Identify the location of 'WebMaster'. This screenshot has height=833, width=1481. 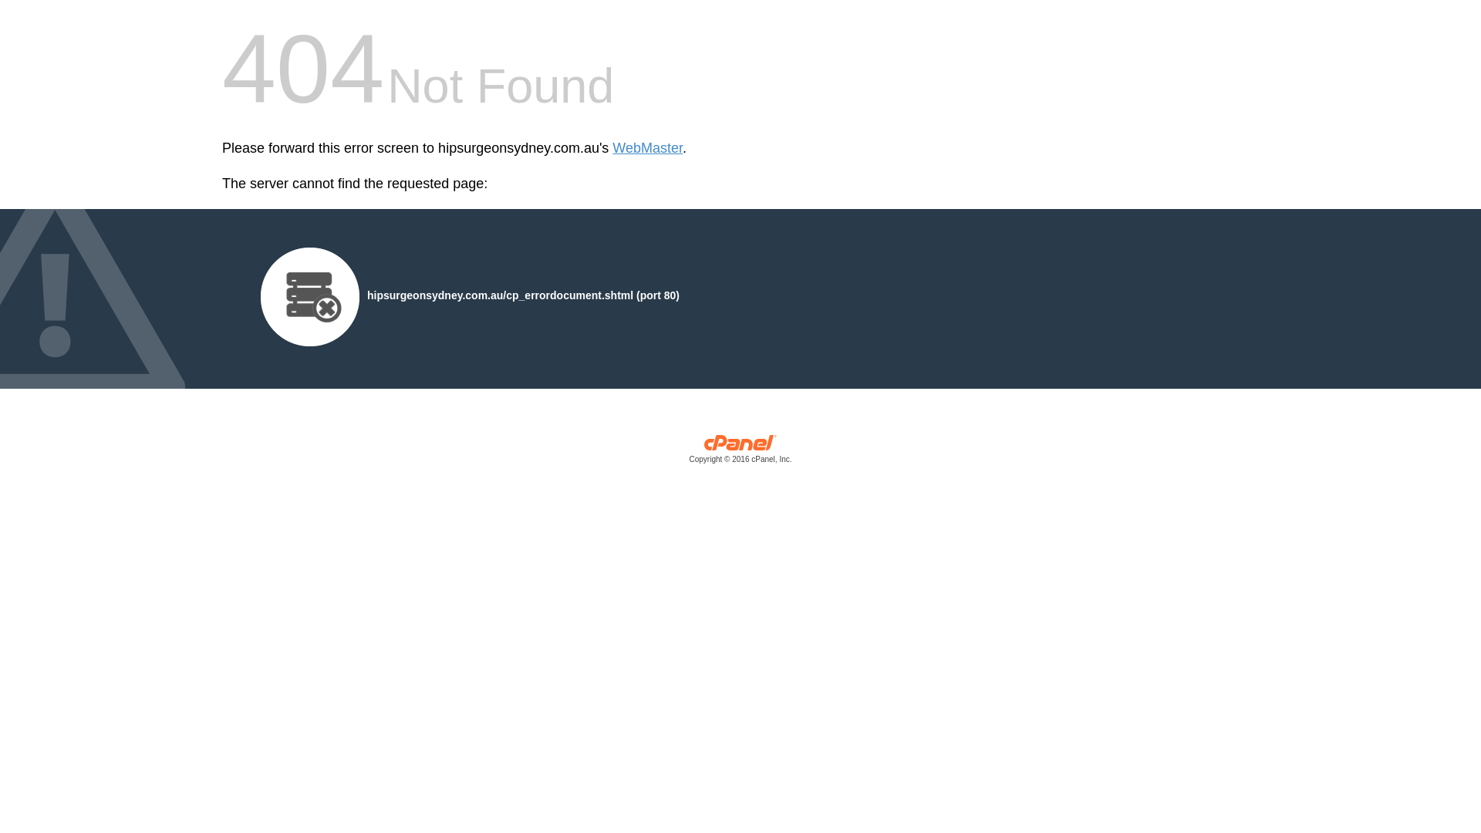
(647, 148).